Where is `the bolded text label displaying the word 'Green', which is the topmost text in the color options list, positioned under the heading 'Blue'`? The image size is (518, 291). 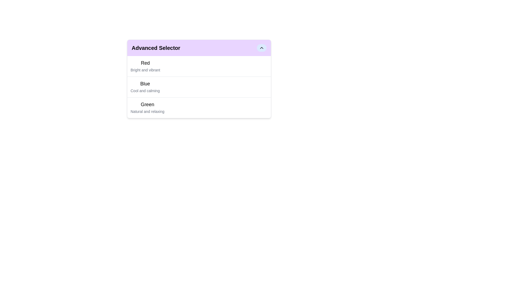
the bolded text label displaying the word 'Green', which is the topmost text in the color options list, positioned under the heading 'Blue' is located at coordinates (147, 105).